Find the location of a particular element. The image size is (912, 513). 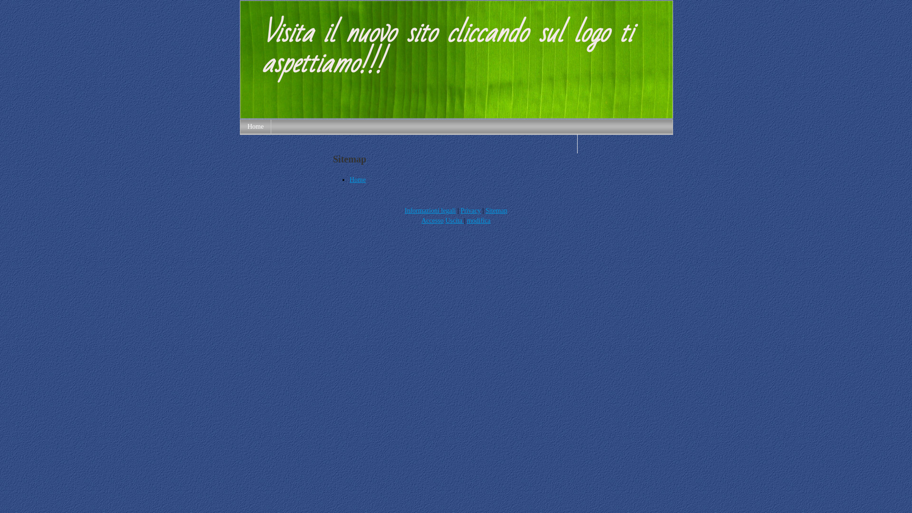

'Sitemap' is located at coordinates (496, 210).